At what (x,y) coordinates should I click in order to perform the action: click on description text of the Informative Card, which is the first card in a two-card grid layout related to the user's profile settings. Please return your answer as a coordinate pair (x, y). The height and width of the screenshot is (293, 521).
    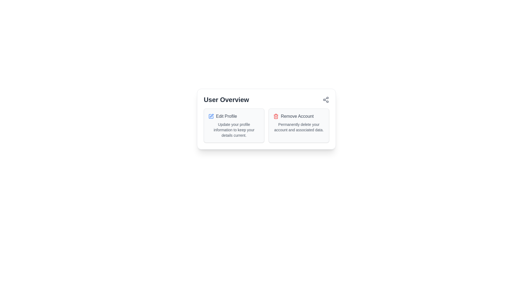
    Looking at the image, I should click on (234, 125).